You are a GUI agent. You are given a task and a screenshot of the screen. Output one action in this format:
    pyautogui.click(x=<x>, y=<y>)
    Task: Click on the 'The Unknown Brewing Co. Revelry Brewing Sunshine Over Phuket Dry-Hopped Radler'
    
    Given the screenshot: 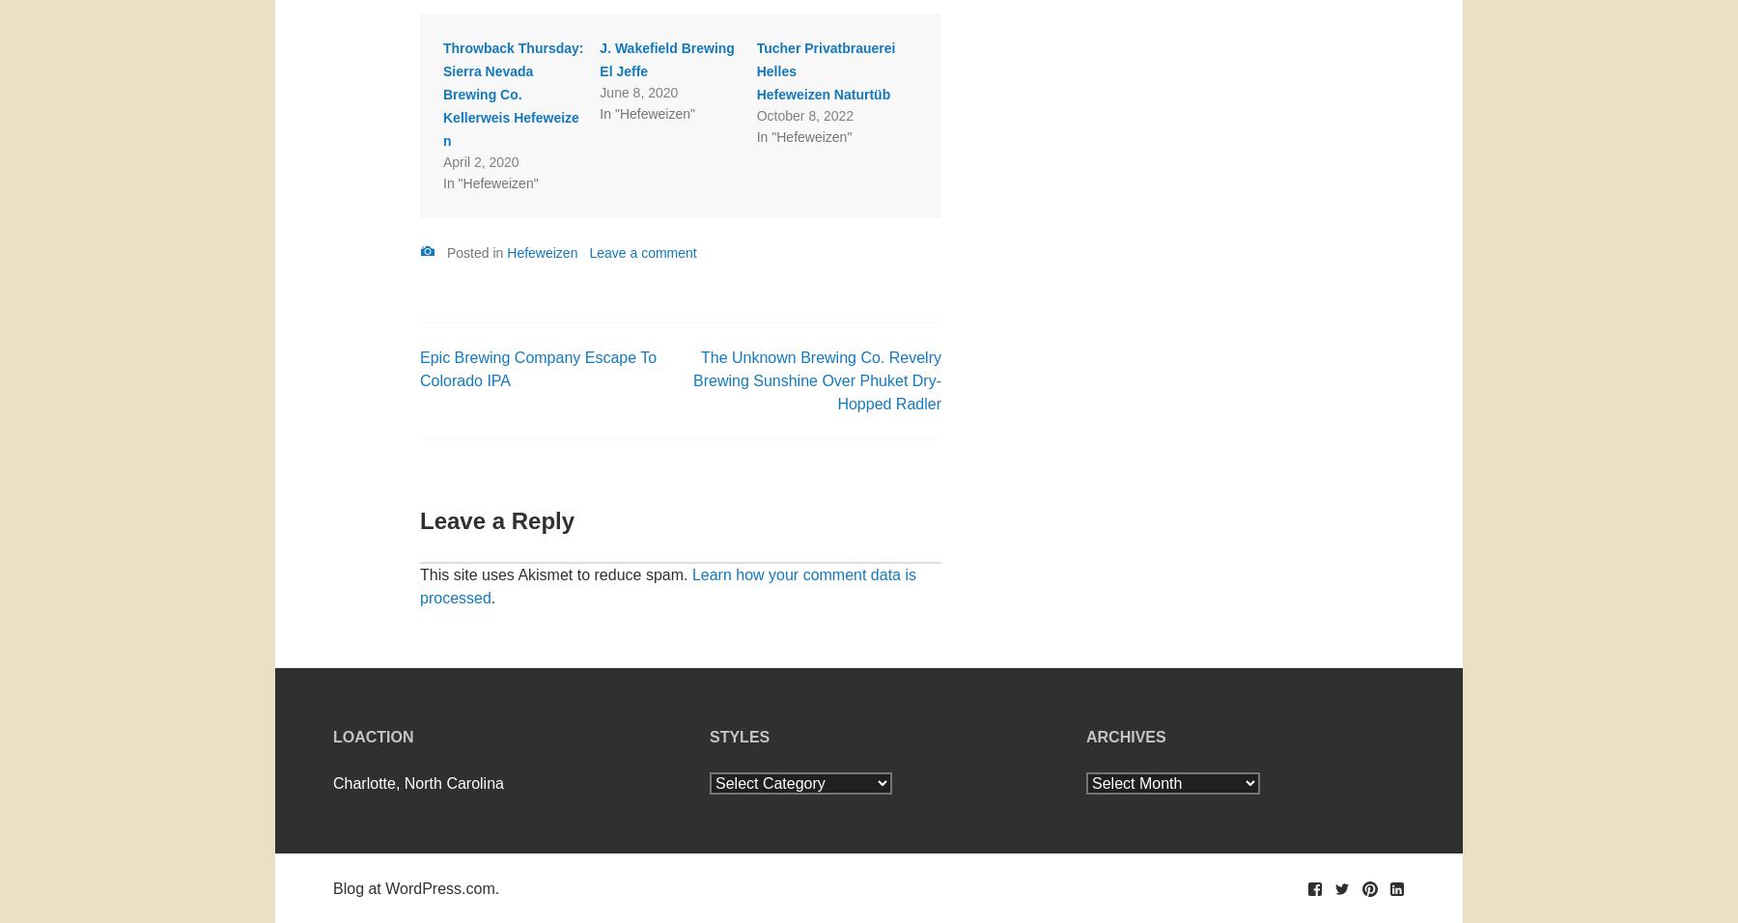 What is the action you would take?
    pyautogui.click(x=817, y=379)
    